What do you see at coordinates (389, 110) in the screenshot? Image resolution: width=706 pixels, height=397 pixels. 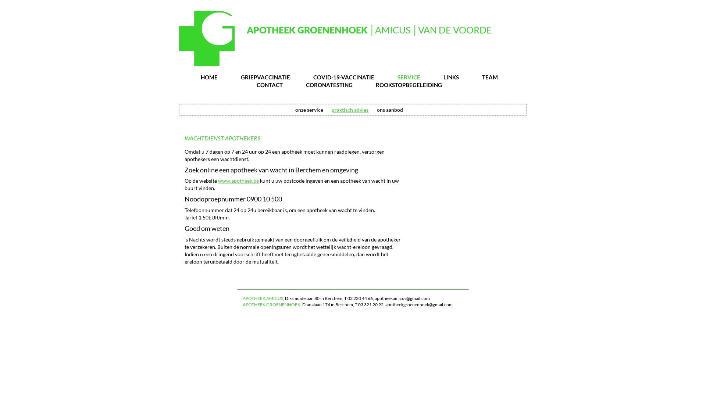 I see `'ons aanbod'` at bounding box center [389, 110].